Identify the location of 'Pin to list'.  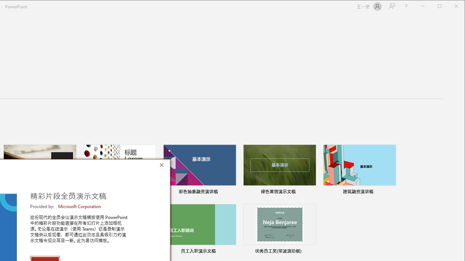
(311, 252).